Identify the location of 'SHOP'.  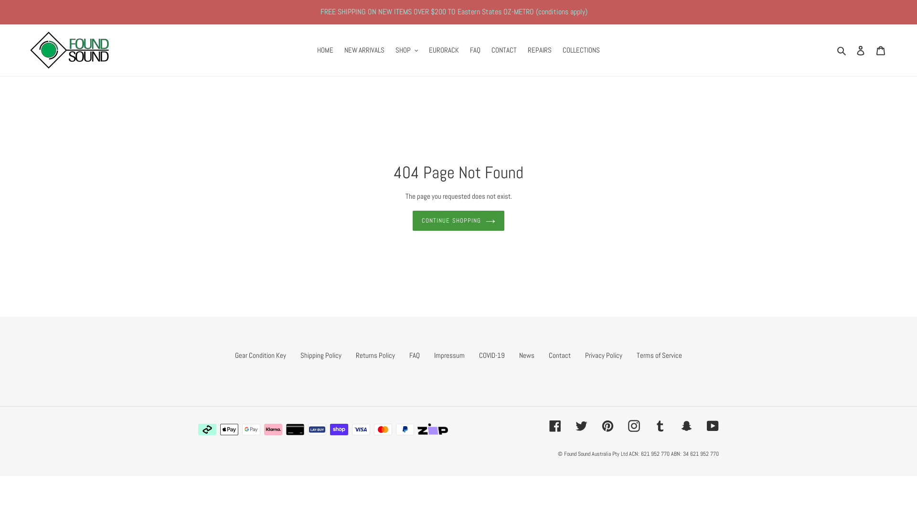
(406, 50).